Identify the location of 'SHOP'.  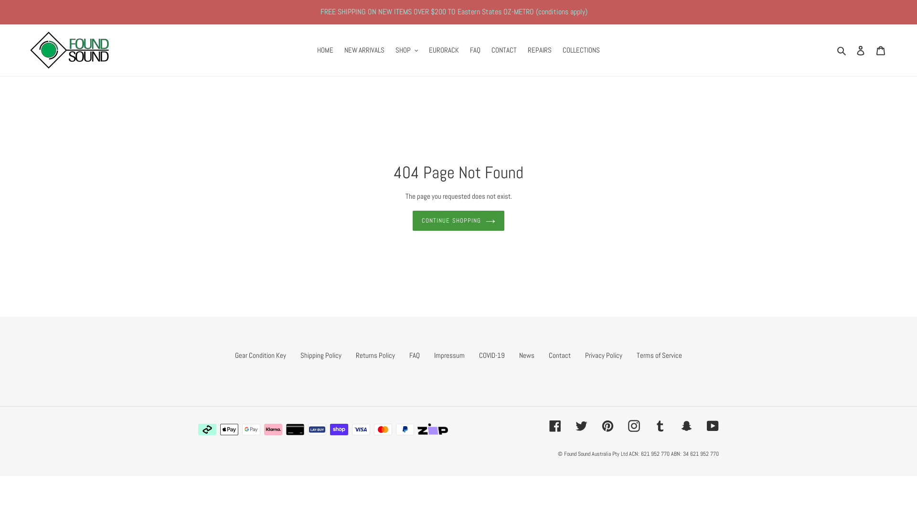
(406, 50).